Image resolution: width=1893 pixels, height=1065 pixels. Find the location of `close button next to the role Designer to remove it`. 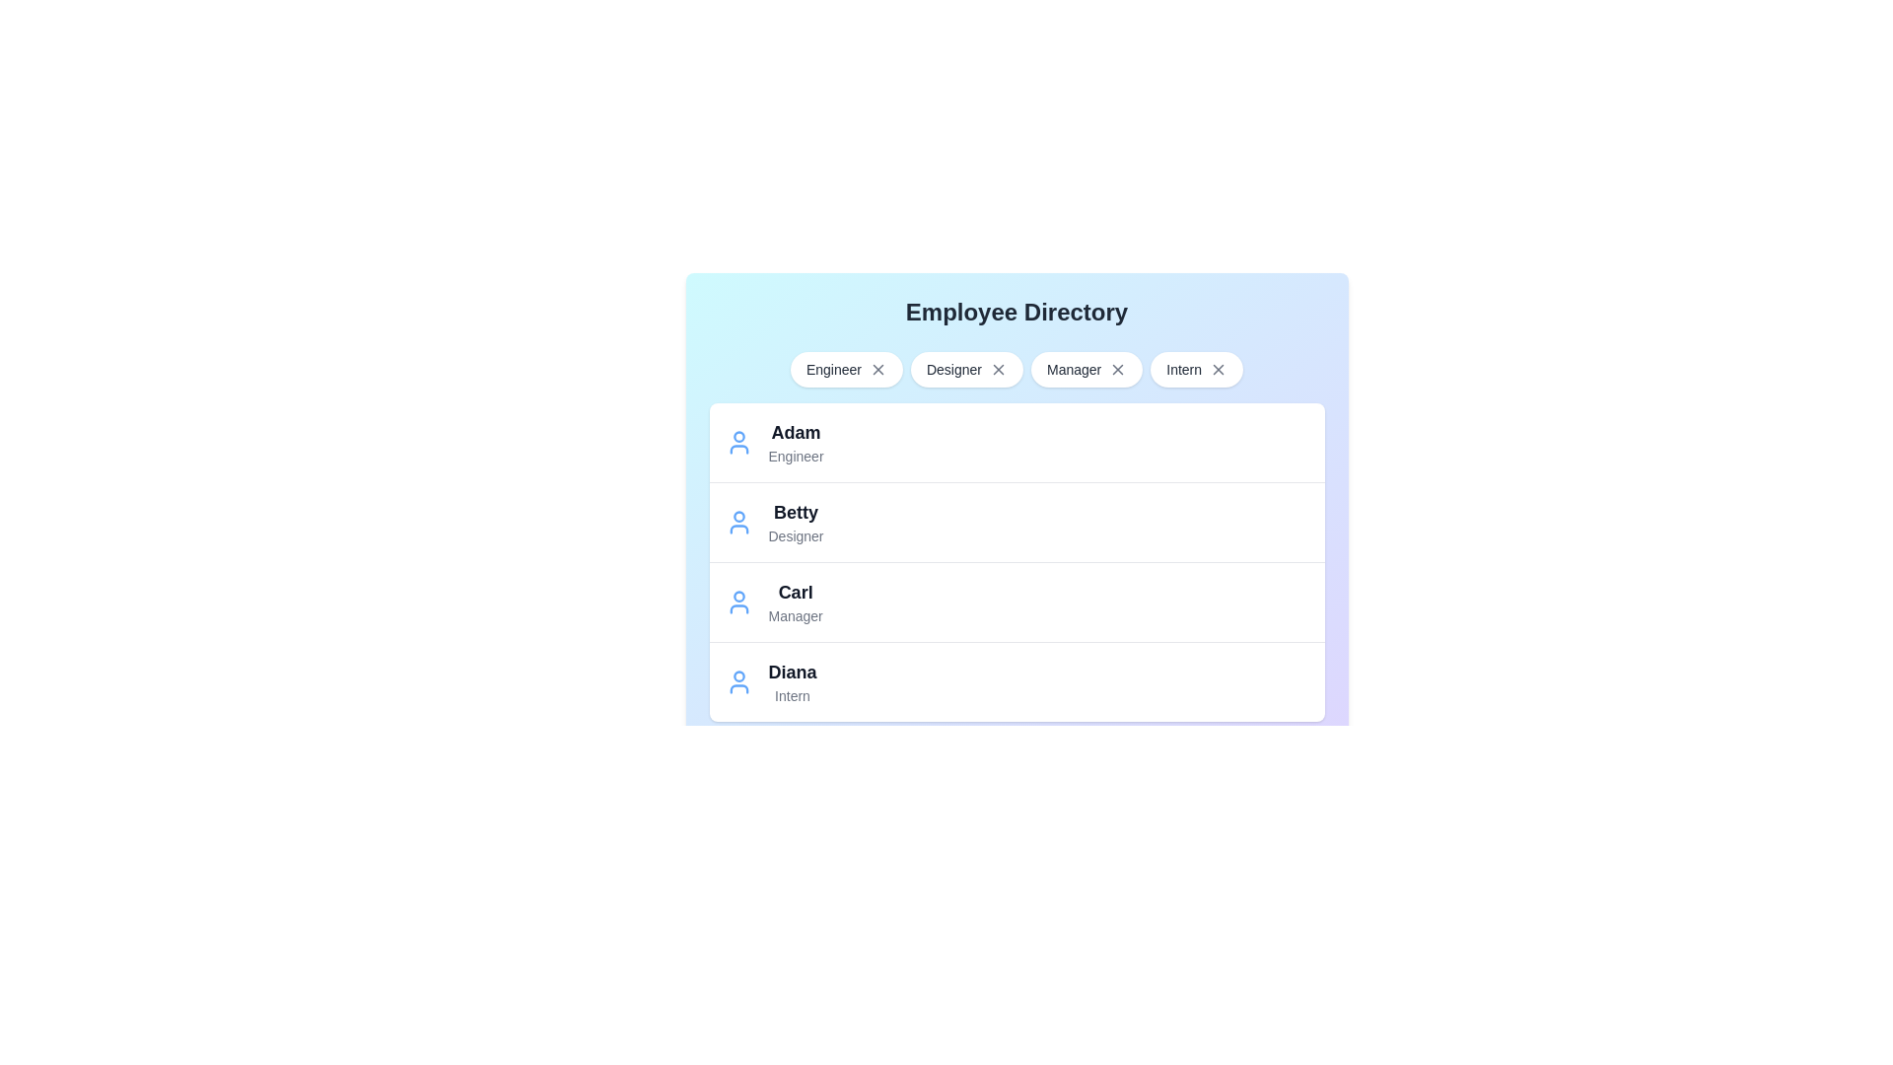

close button next to the role Designer to remove it is located at coordinates (998, 369).